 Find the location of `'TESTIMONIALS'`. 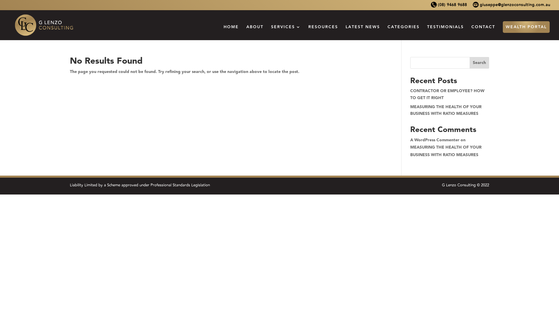

'TESTIMONIALS' is located at coordinates (445, 32).